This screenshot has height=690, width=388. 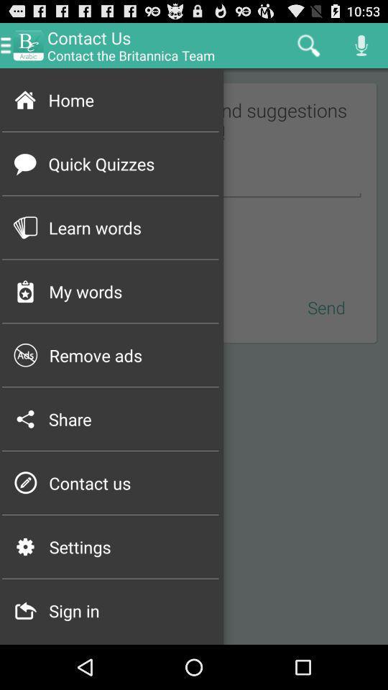 What do you see at coordinates (327, 307) in the screenshot?
I see `the send button` at bounding box center [327, 307].